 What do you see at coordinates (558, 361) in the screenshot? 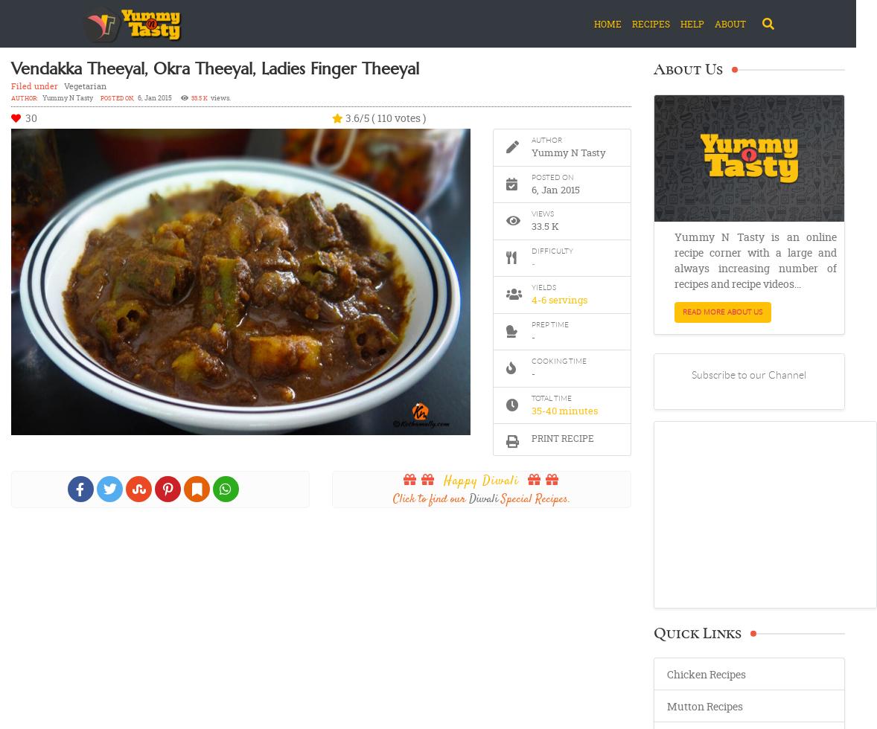
I see `'Cooking Time'` at bounding box center [558, 361].